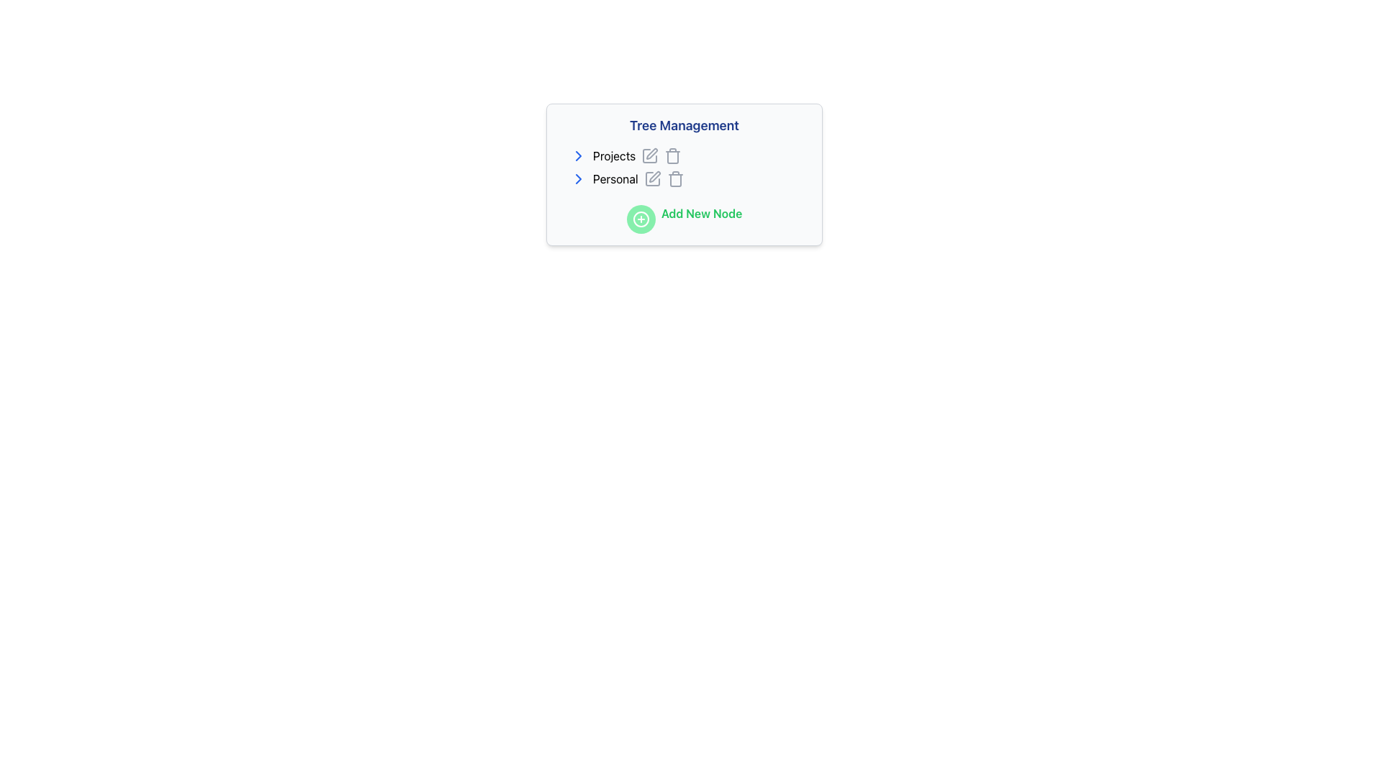 This screenshot has width=1382, height=777. What do you see at coordinates (661, 155) in the screenshot?
I see `the edit button in the action group for the 'Projects' section to initiate the edit functionality` at bounding box center [661, 155].